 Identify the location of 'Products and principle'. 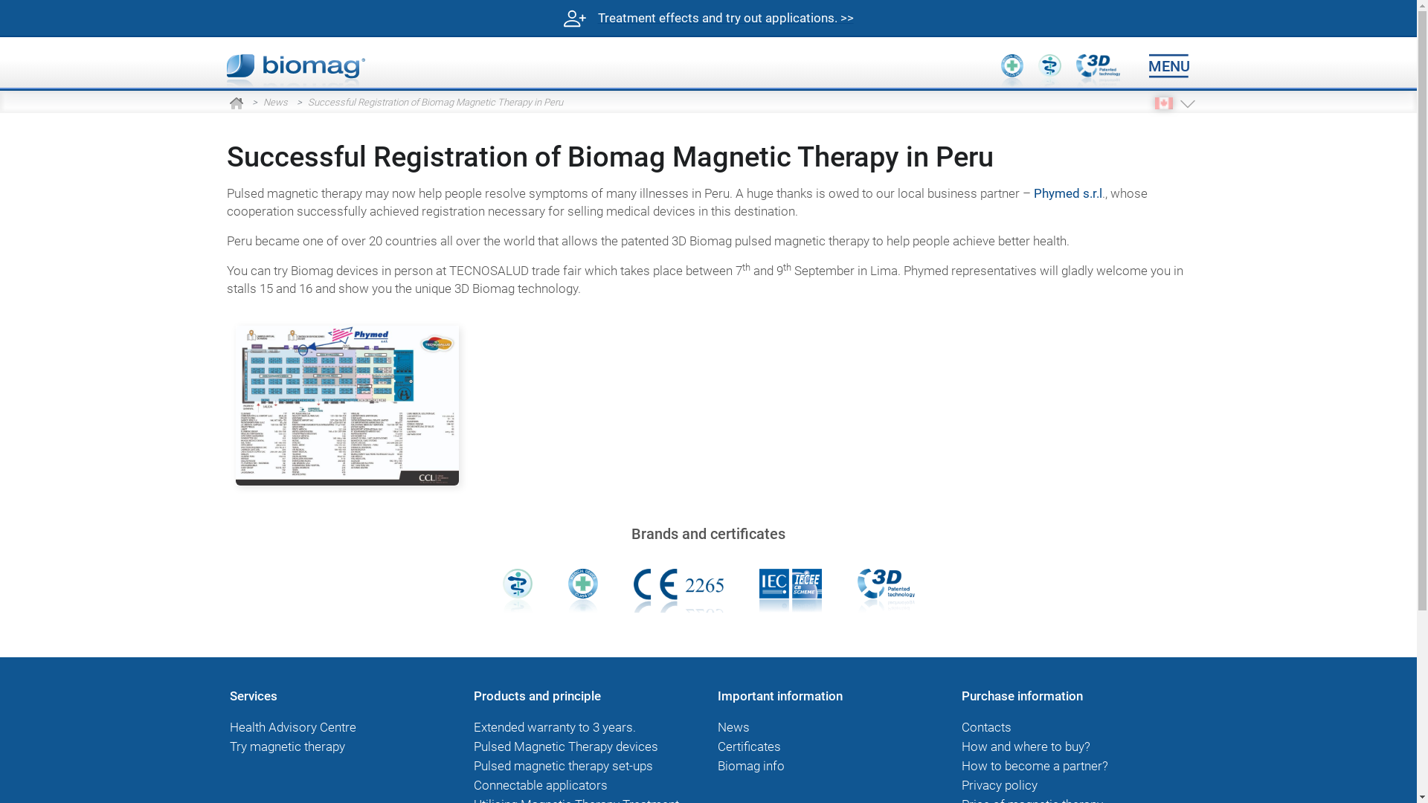
(535, 696).